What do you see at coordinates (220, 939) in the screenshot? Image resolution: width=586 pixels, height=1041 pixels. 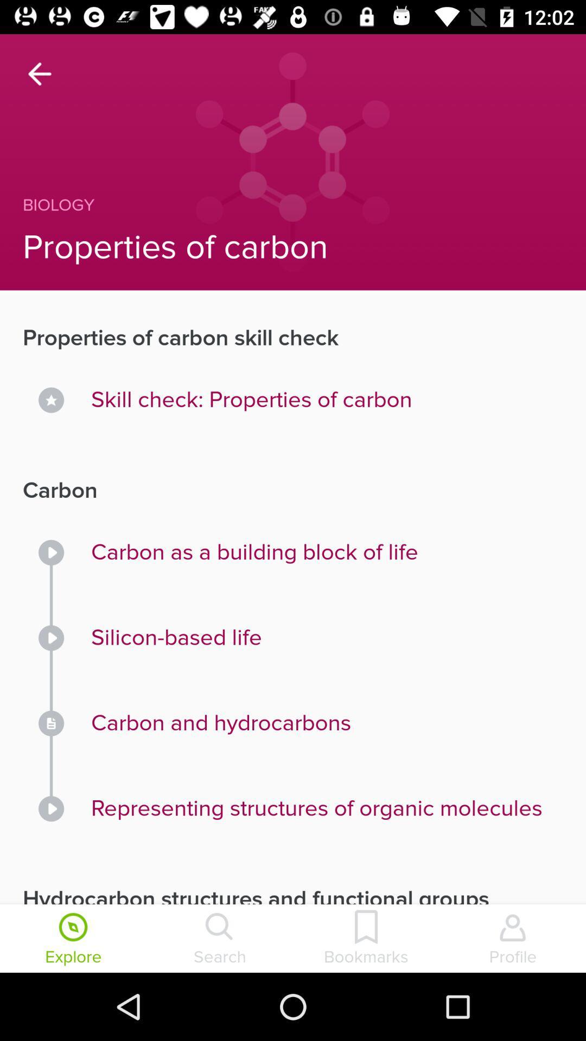 I see `the search` at bounding box center [220, 939].